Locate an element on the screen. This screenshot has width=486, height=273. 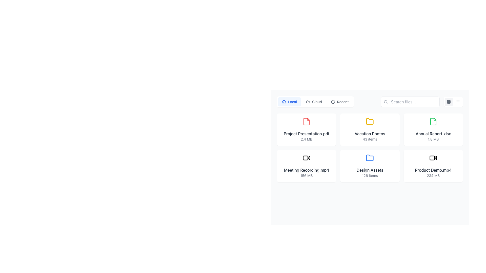
the small gray hard drive icon located to the left of the 'Local' text label within the Local tab is located at coordinates (284, 102).